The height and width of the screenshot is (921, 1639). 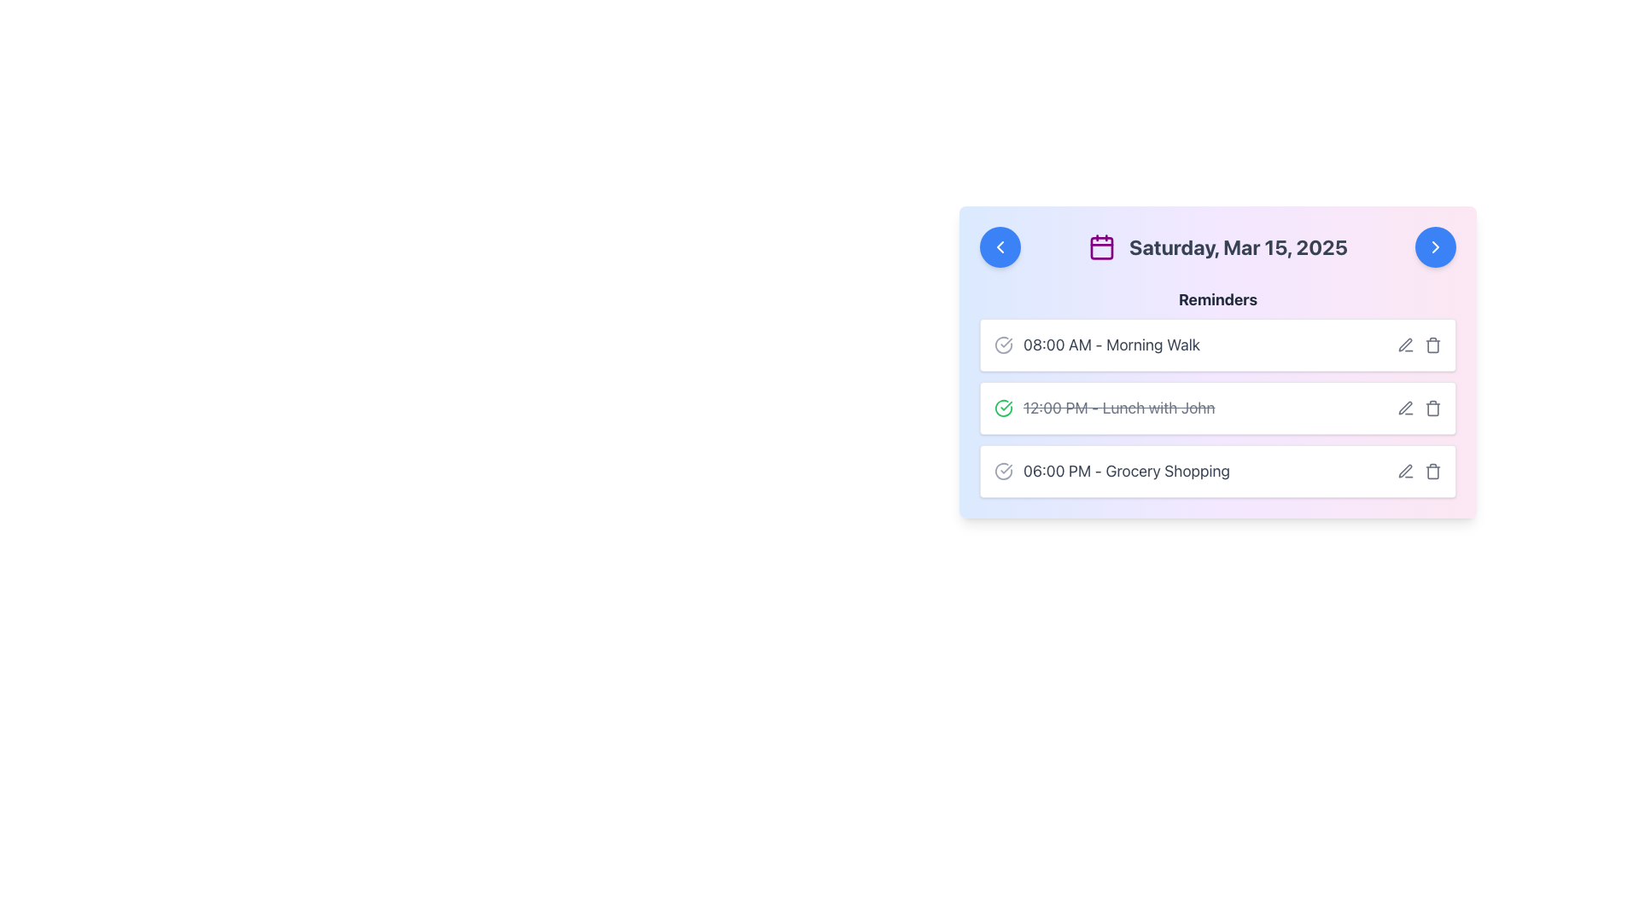 I want to click on the chevron icon located in the upper-left corner of the card interface, so click(x=1000, y=246).